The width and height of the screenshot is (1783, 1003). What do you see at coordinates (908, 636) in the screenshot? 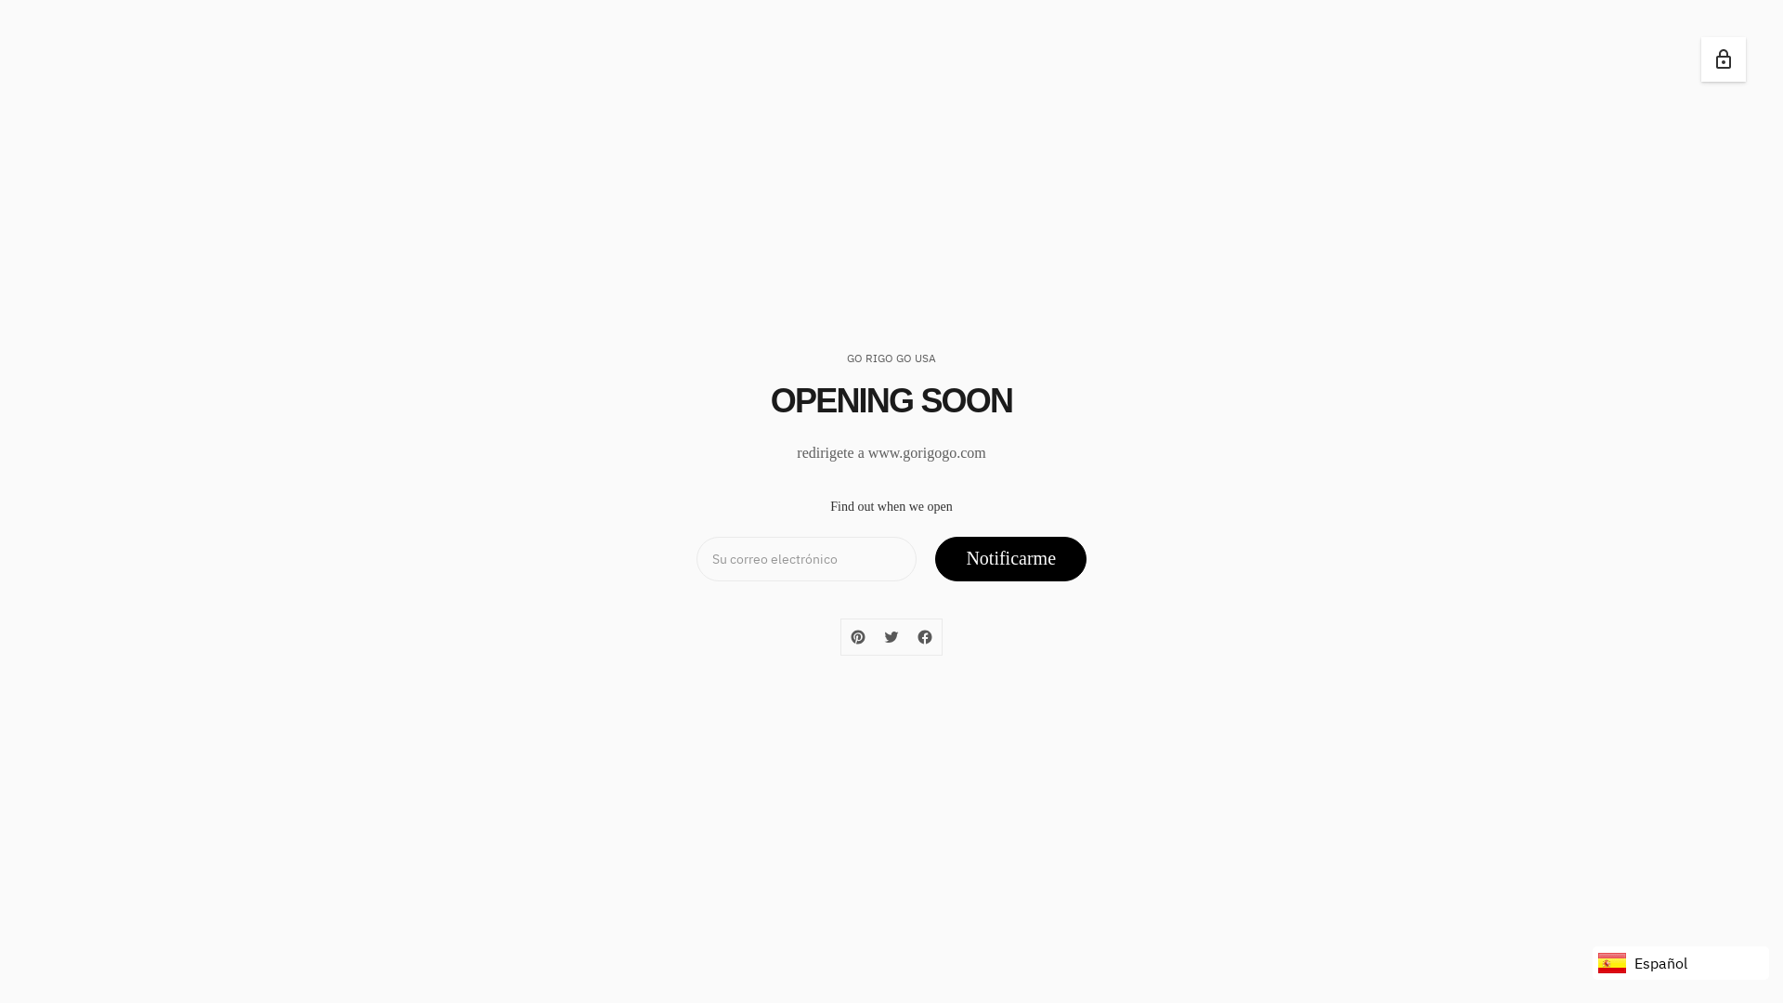
I see `'Share to Facebook'` at bounding box center [908, 636].